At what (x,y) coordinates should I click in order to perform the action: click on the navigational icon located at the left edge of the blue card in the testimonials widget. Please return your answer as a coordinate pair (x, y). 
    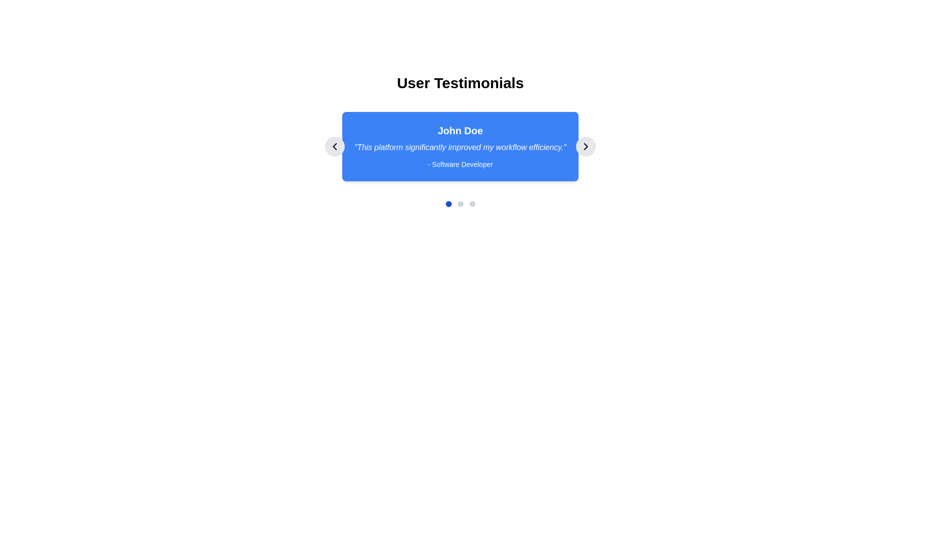
    Looking at the image, I should click on (335, 147).